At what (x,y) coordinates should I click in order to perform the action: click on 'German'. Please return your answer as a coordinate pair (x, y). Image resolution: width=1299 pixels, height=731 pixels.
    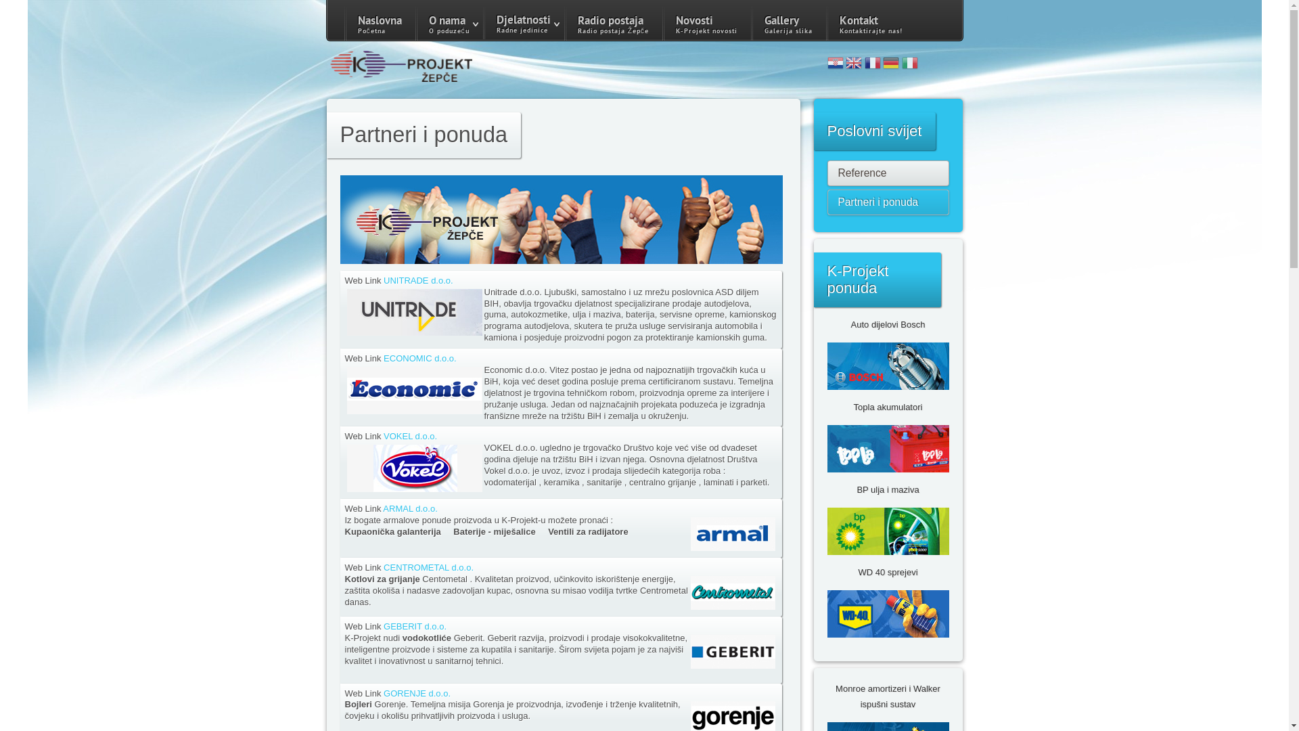
    Looking at the image, I should click on (890, 64).